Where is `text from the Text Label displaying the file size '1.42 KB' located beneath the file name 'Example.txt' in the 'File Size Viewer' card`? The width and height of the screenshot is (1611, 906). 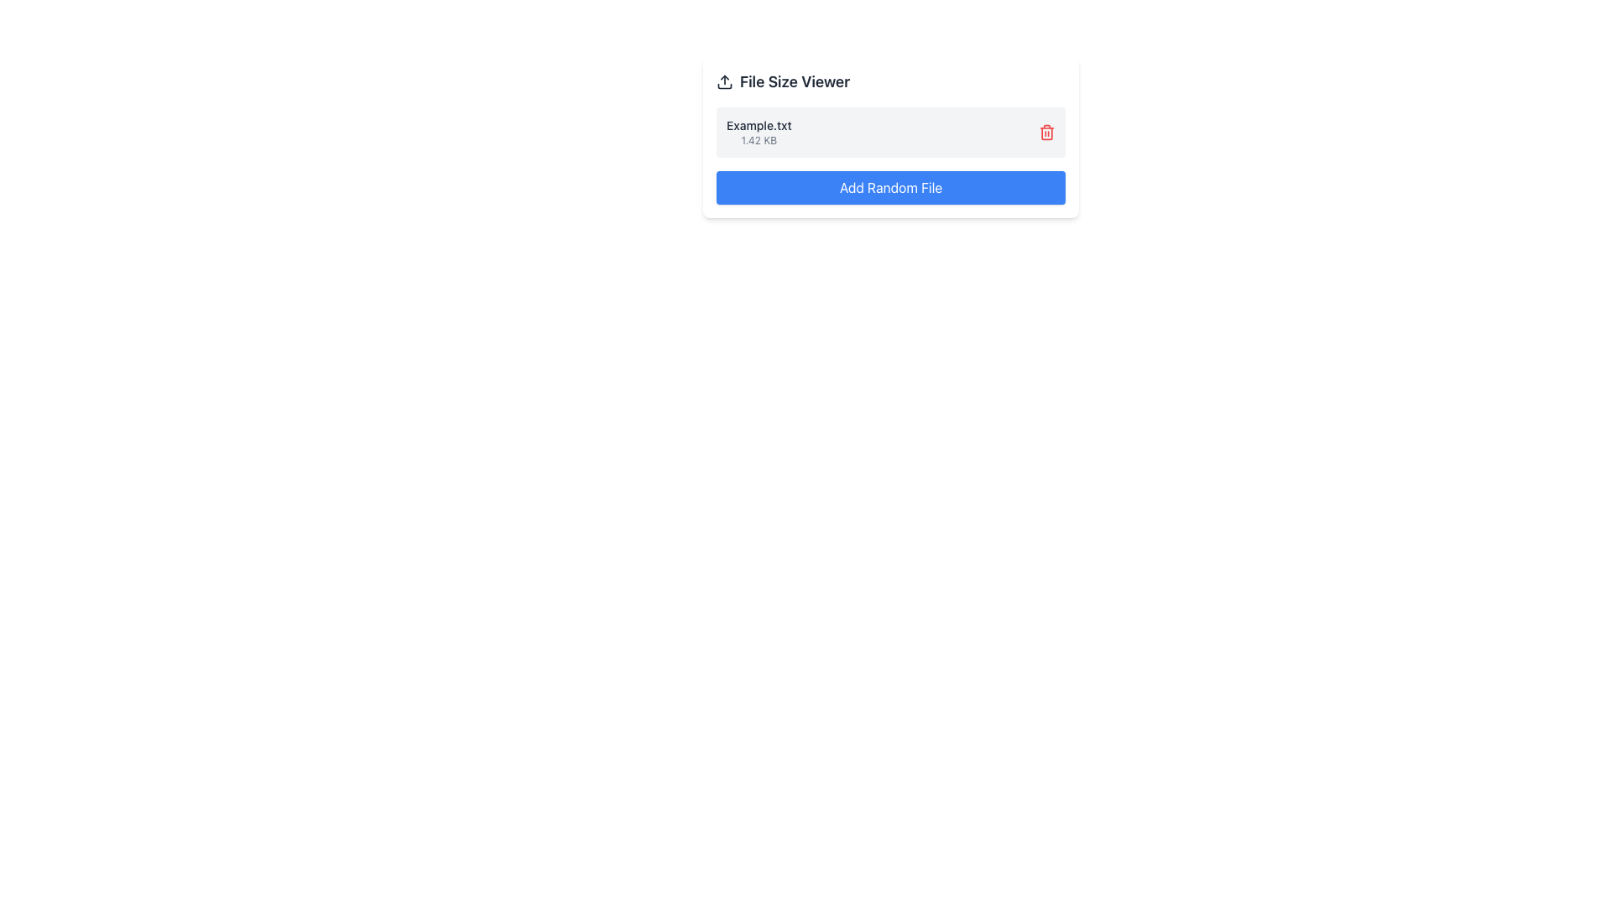
text from the Text Label displaying the file size '1.42 KB' located beneath the file name 'Example.txt' in the 'File Size Viewer' card is located at coordinates (758, 140).